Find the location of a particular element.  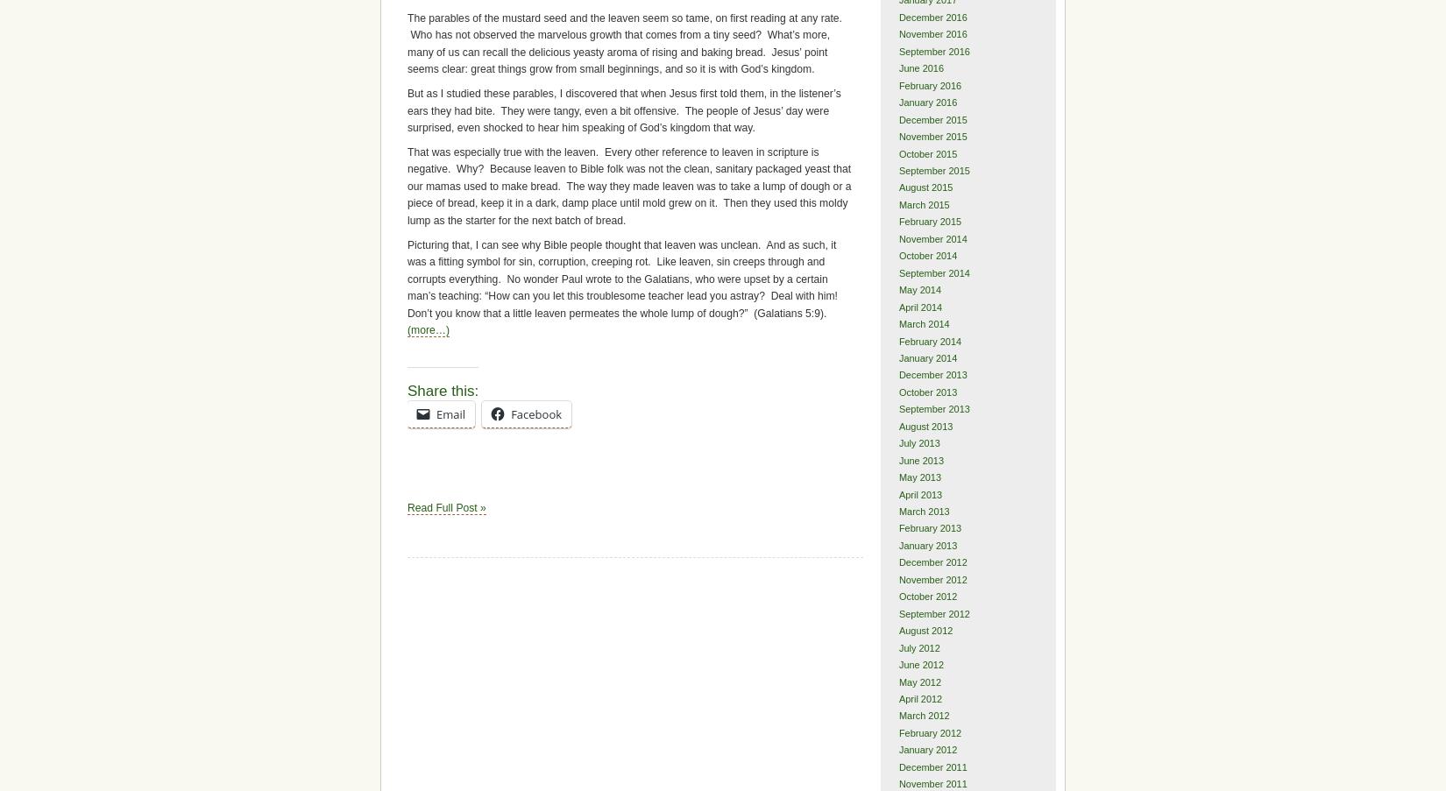

'May 2012' is located at coordinates (897, 681).